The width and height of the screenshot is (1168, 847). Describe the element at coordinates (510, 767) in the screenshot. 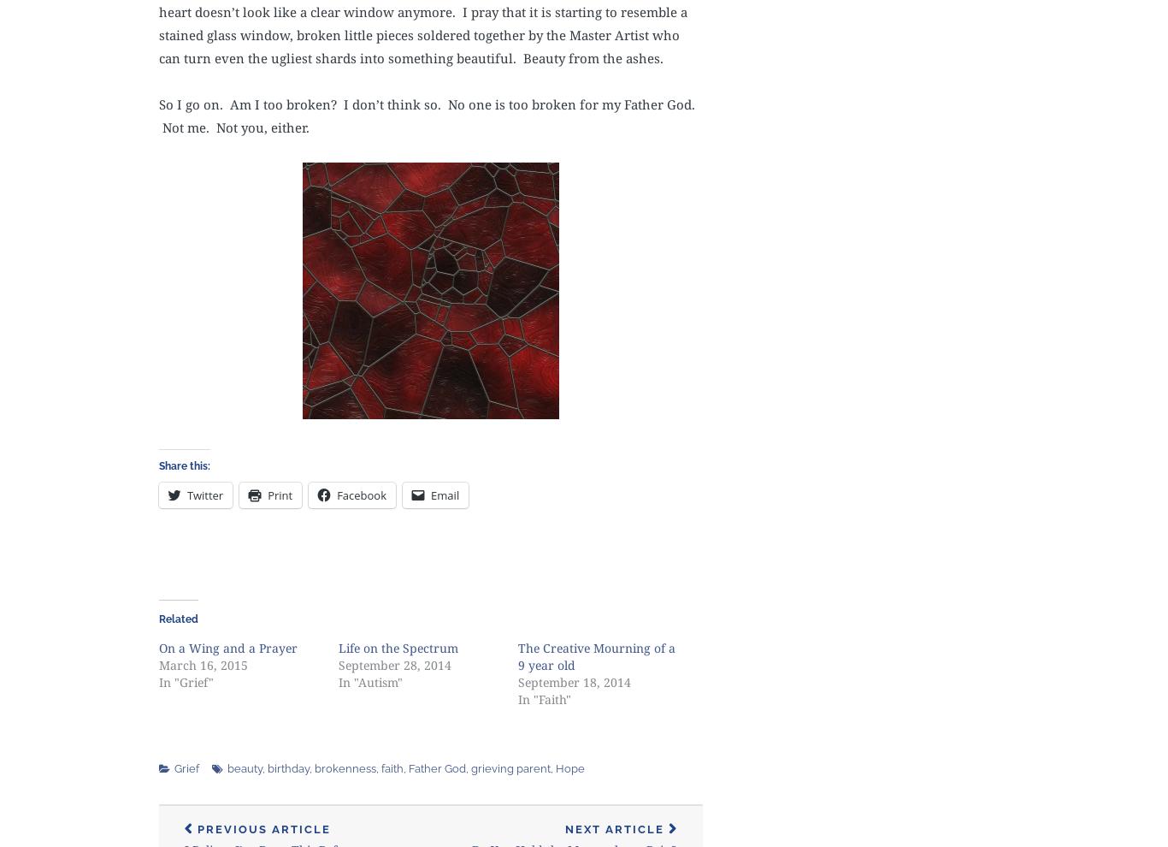

I see `'grieving parent'` at that location.